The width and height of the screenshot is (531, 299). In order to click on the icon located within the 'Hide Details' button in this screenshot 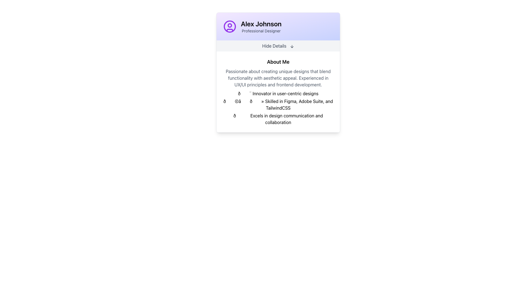, I will do `click(291, 46)`.